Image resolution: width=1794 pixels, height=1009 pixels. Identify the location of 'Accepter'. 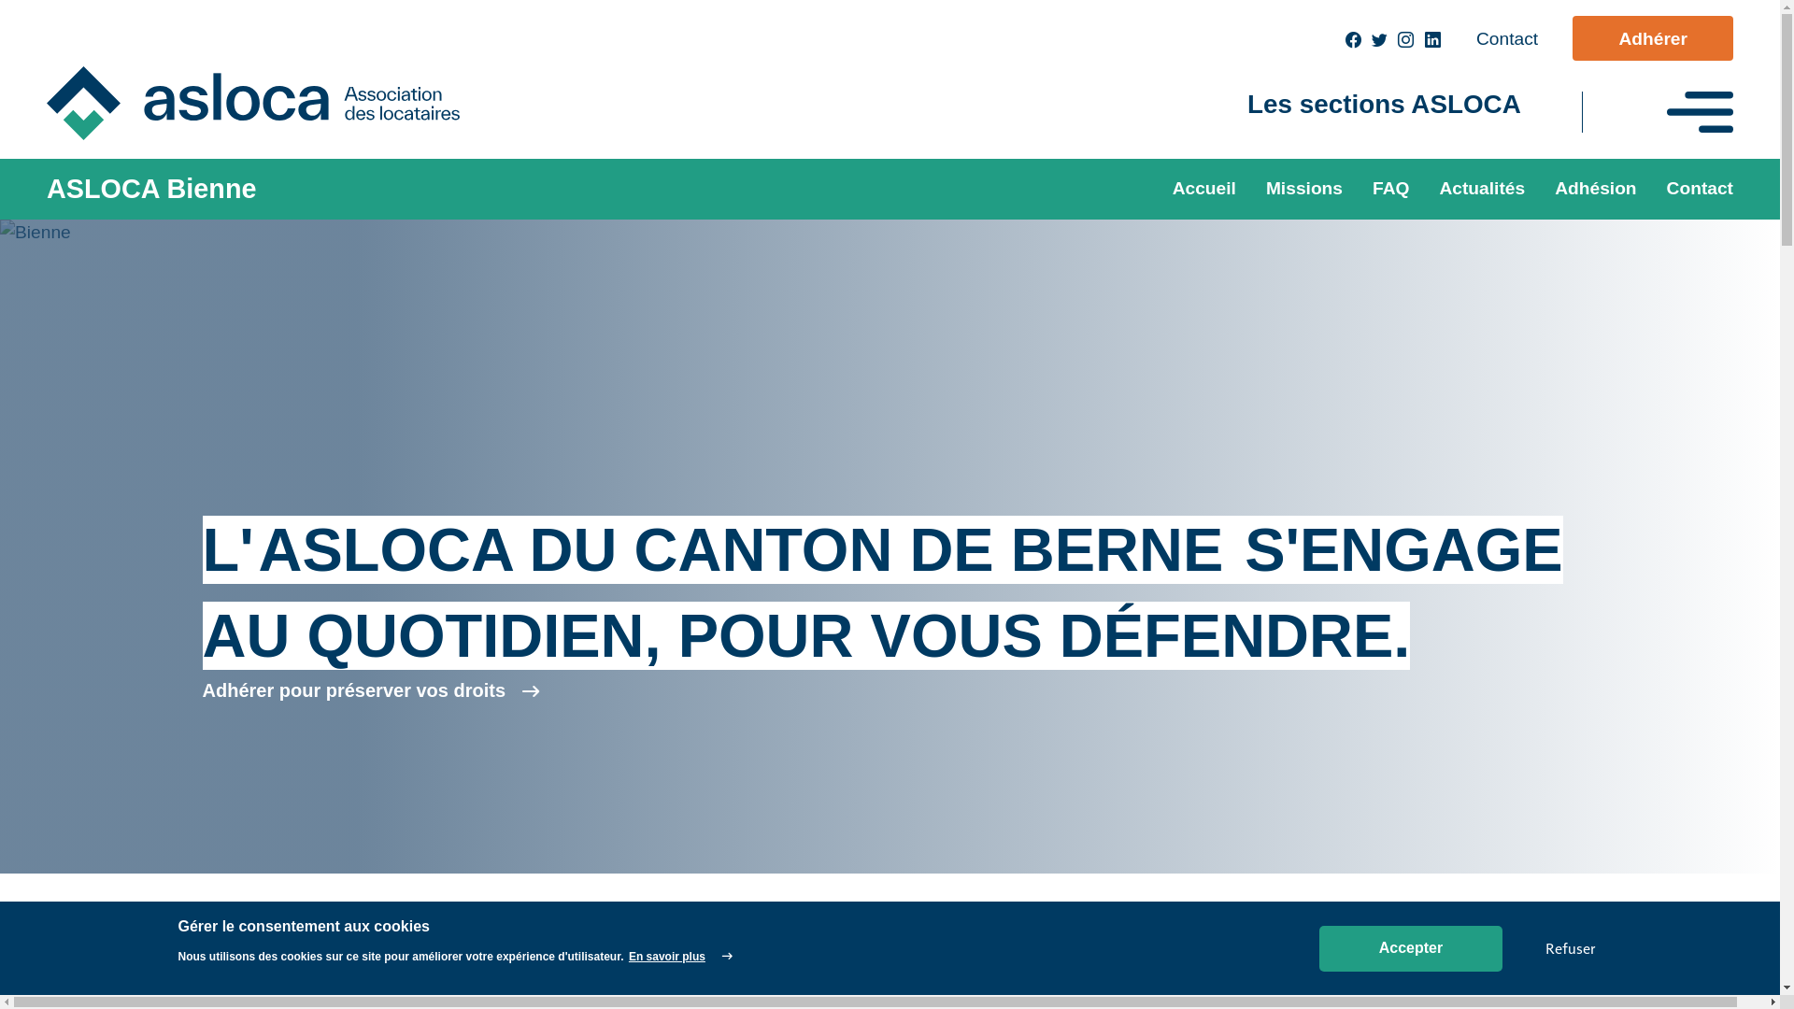
(1411, 948).